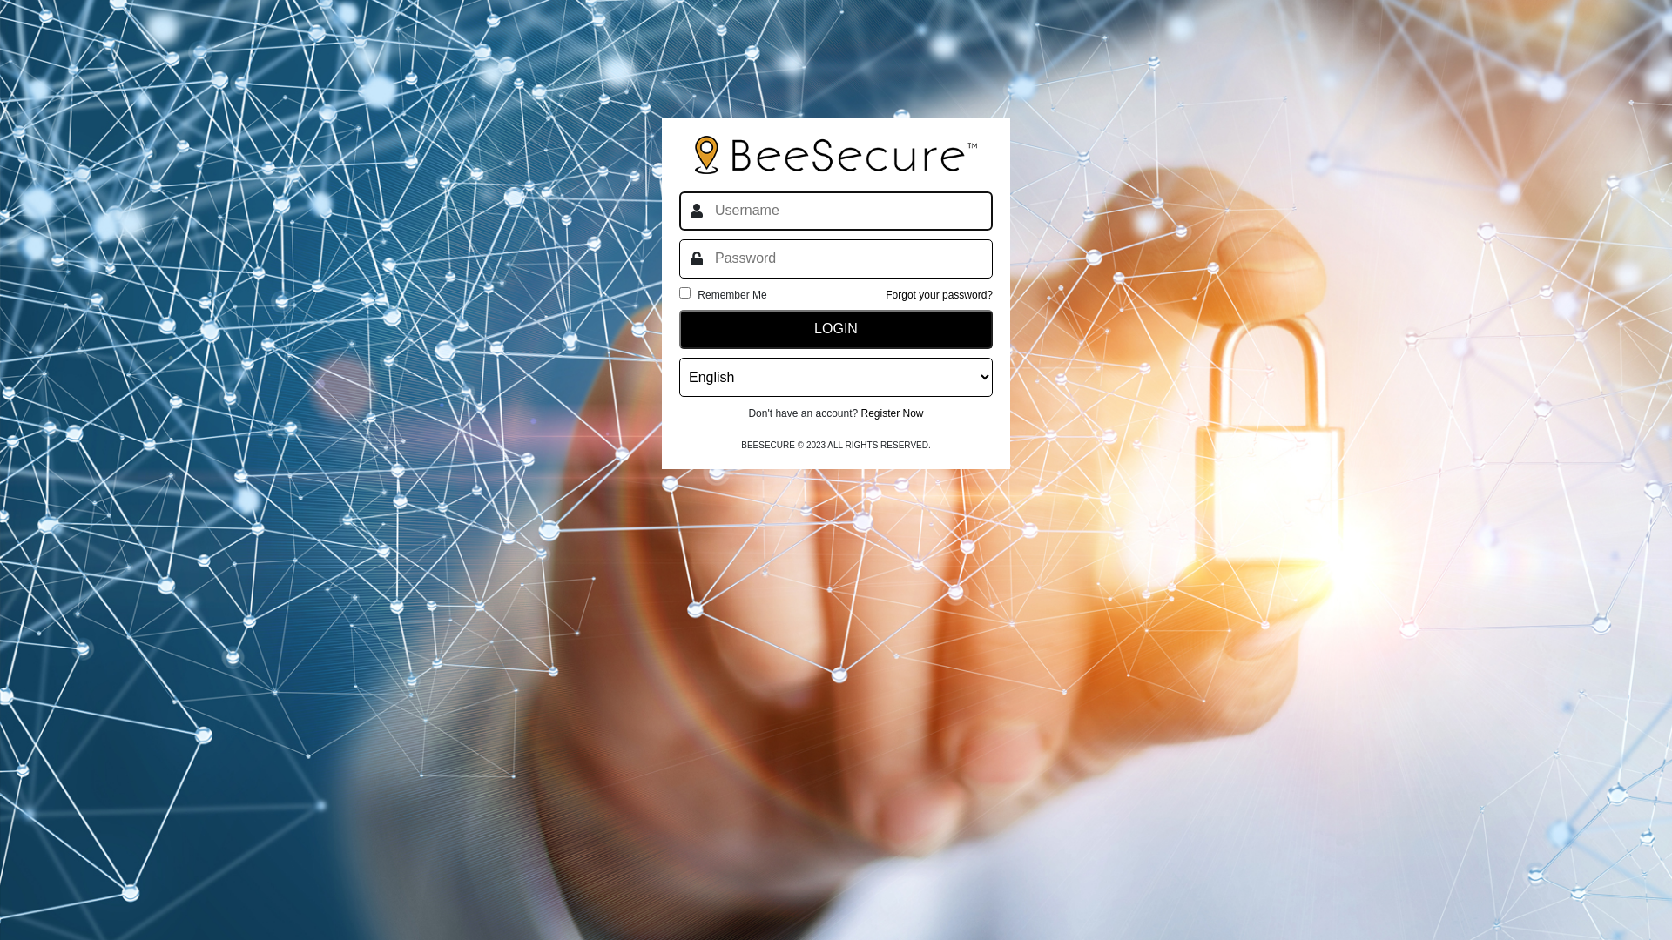  What do you see at coordinates (886, 294) in the screenshot?
I see `'Forgot your password?'` at bounding box center [886, 294].